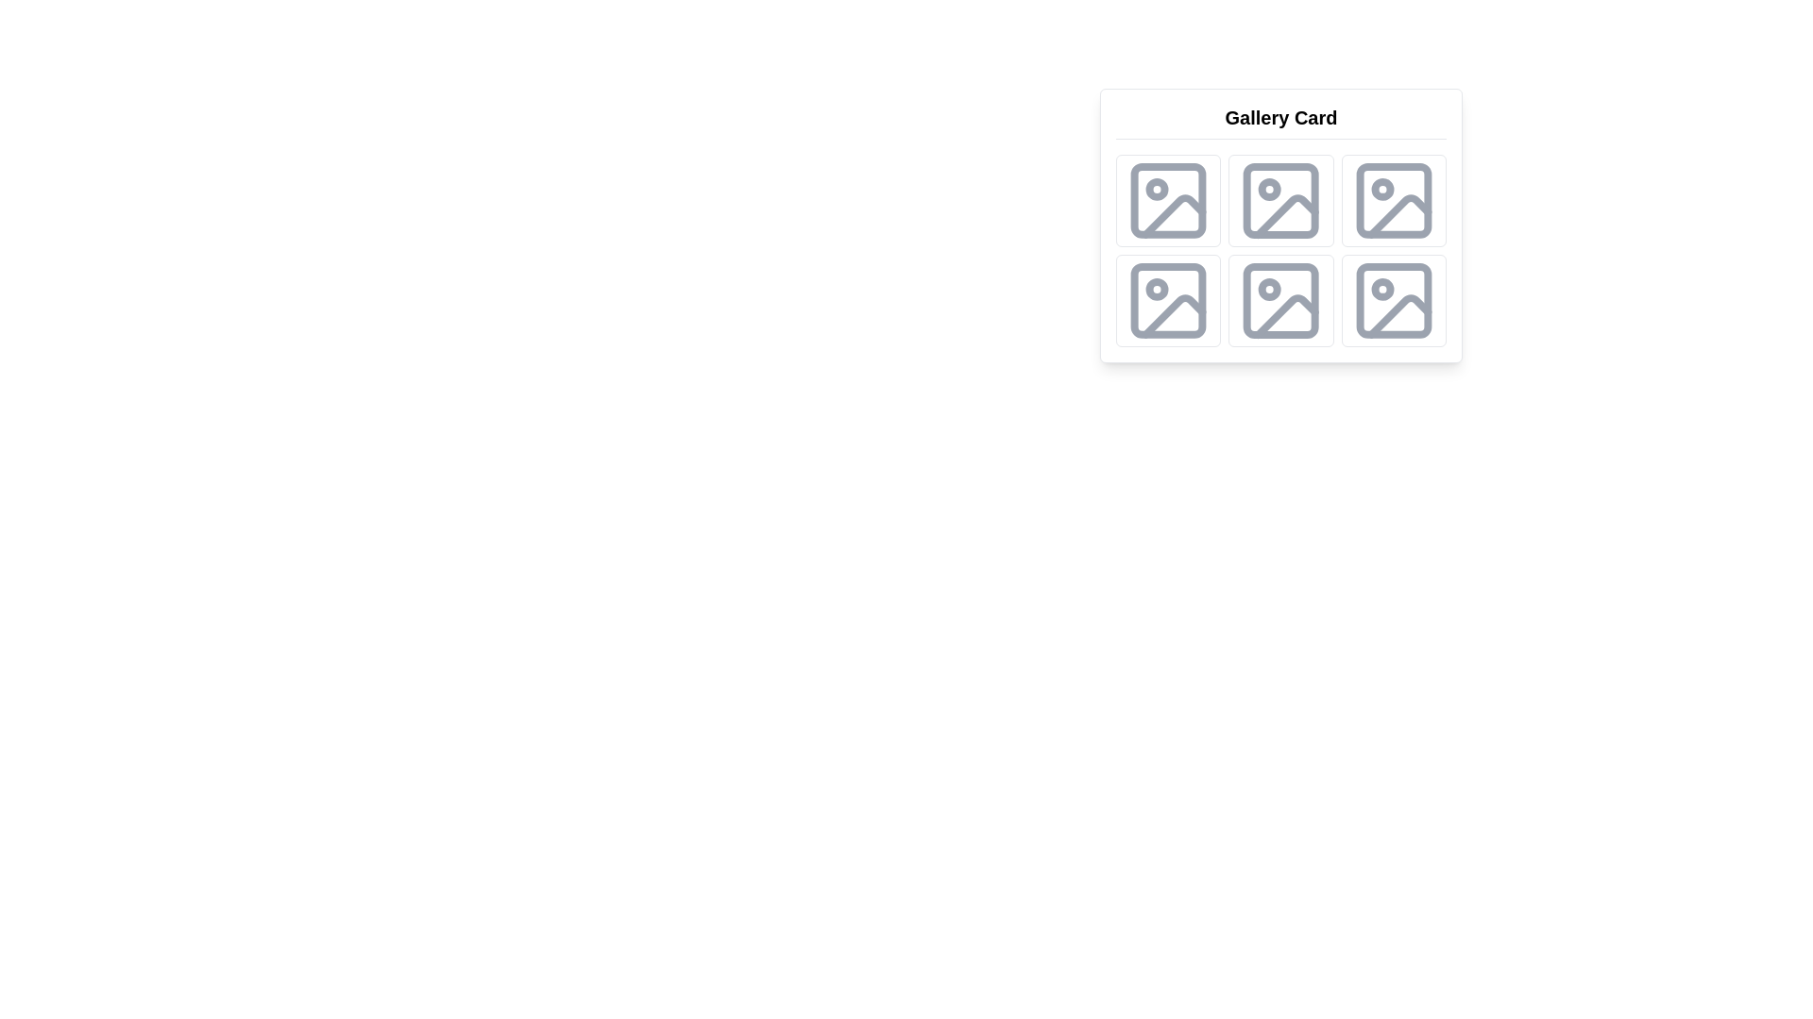 This screenshot has width=1813, height=1019. I want to click on the fifth image placeholder tile in the Gallery Card section, so click(1281, 300).